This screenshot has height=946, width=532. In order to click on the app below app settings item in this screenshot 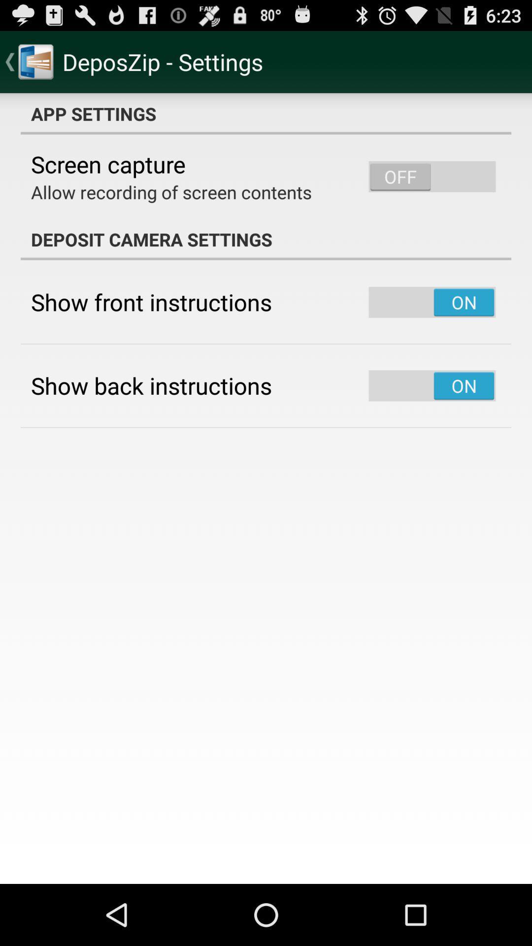, I will do `click(108, 164)`.